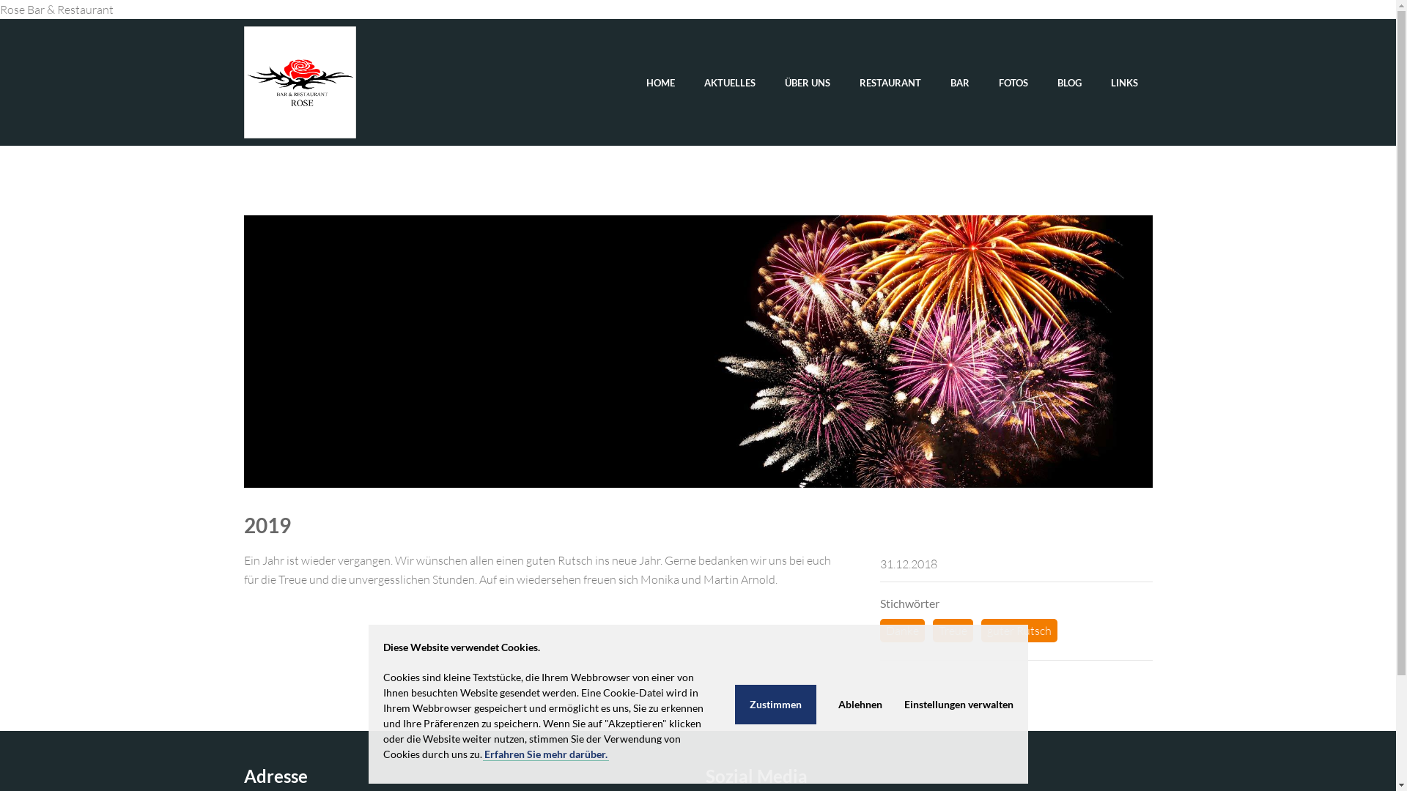 The image size is (1407, 791). What do you see at coordinates (734, 702) in the screenshot?
I see `'Zustimmen'` at bounding box center [734, 702].